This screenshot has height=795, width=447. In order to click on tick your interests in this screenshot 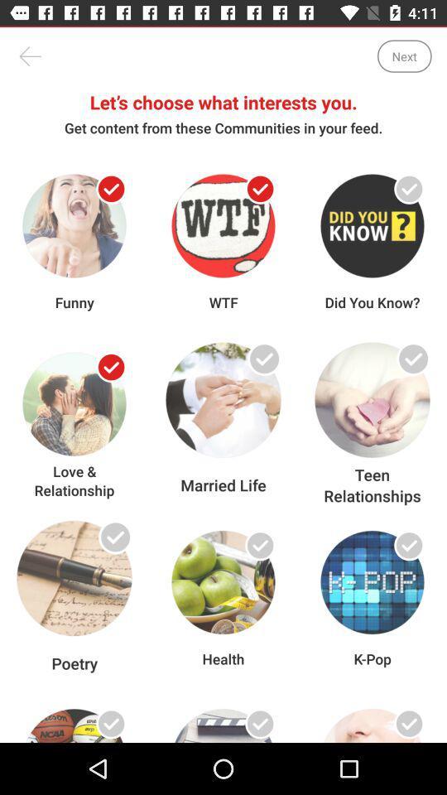, I will do `click(111, 723)`.